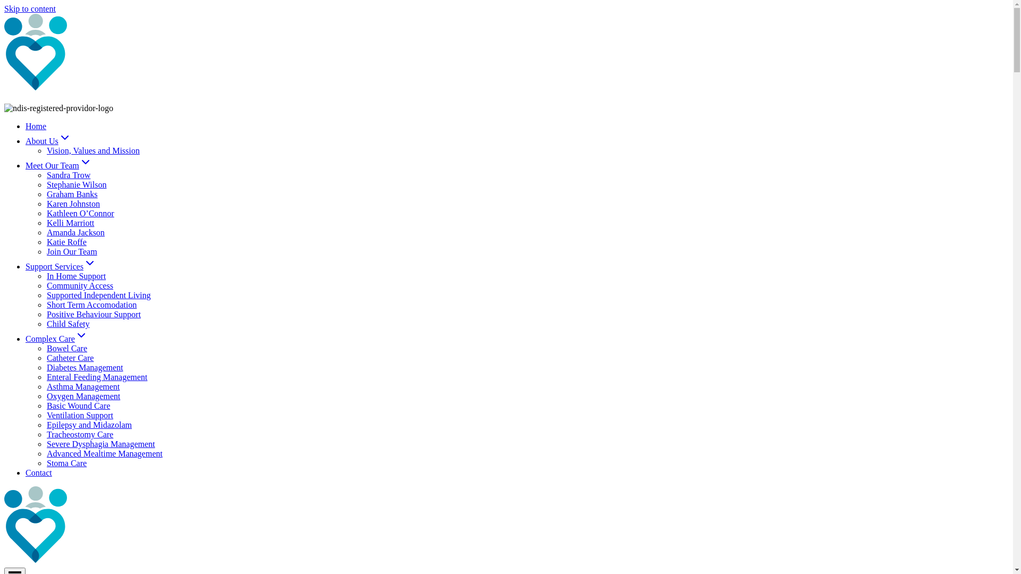  What do you see at coordinates (89, 424) in the screenshot?
I see `'Epilepsy and Midazolam'` at bounding box center [89, 424].